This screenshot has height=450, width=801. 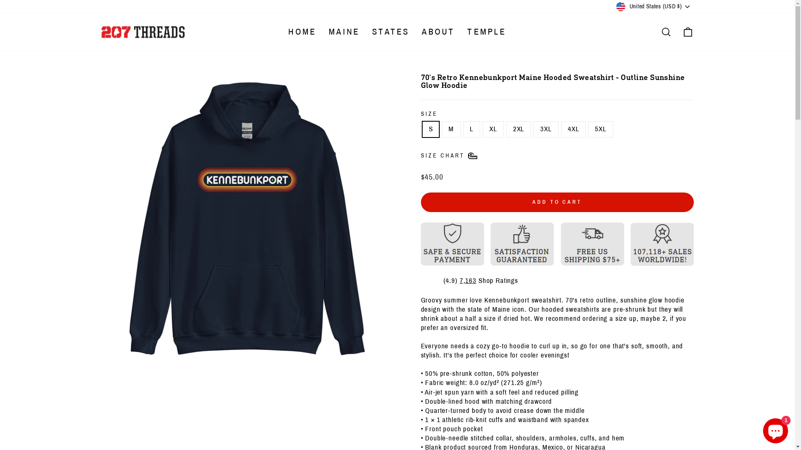 I want to click on 'TEMPLE', so click(x=486, y=32).